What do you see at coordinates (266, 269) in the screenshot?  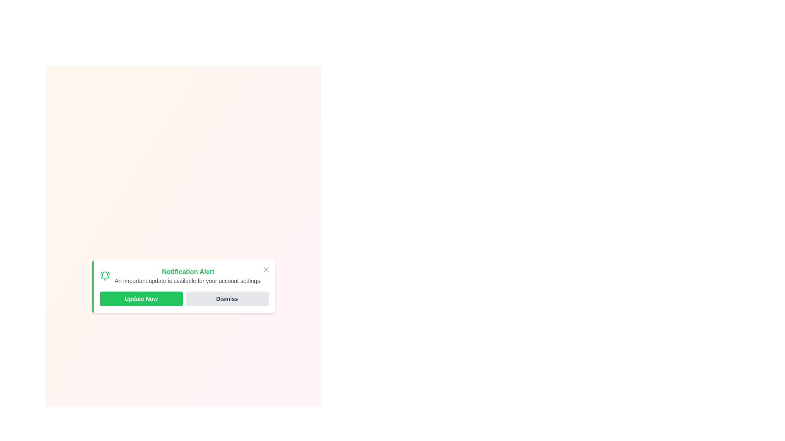 I see `close button to dismiss the alert` at bounding box center [266, 269].